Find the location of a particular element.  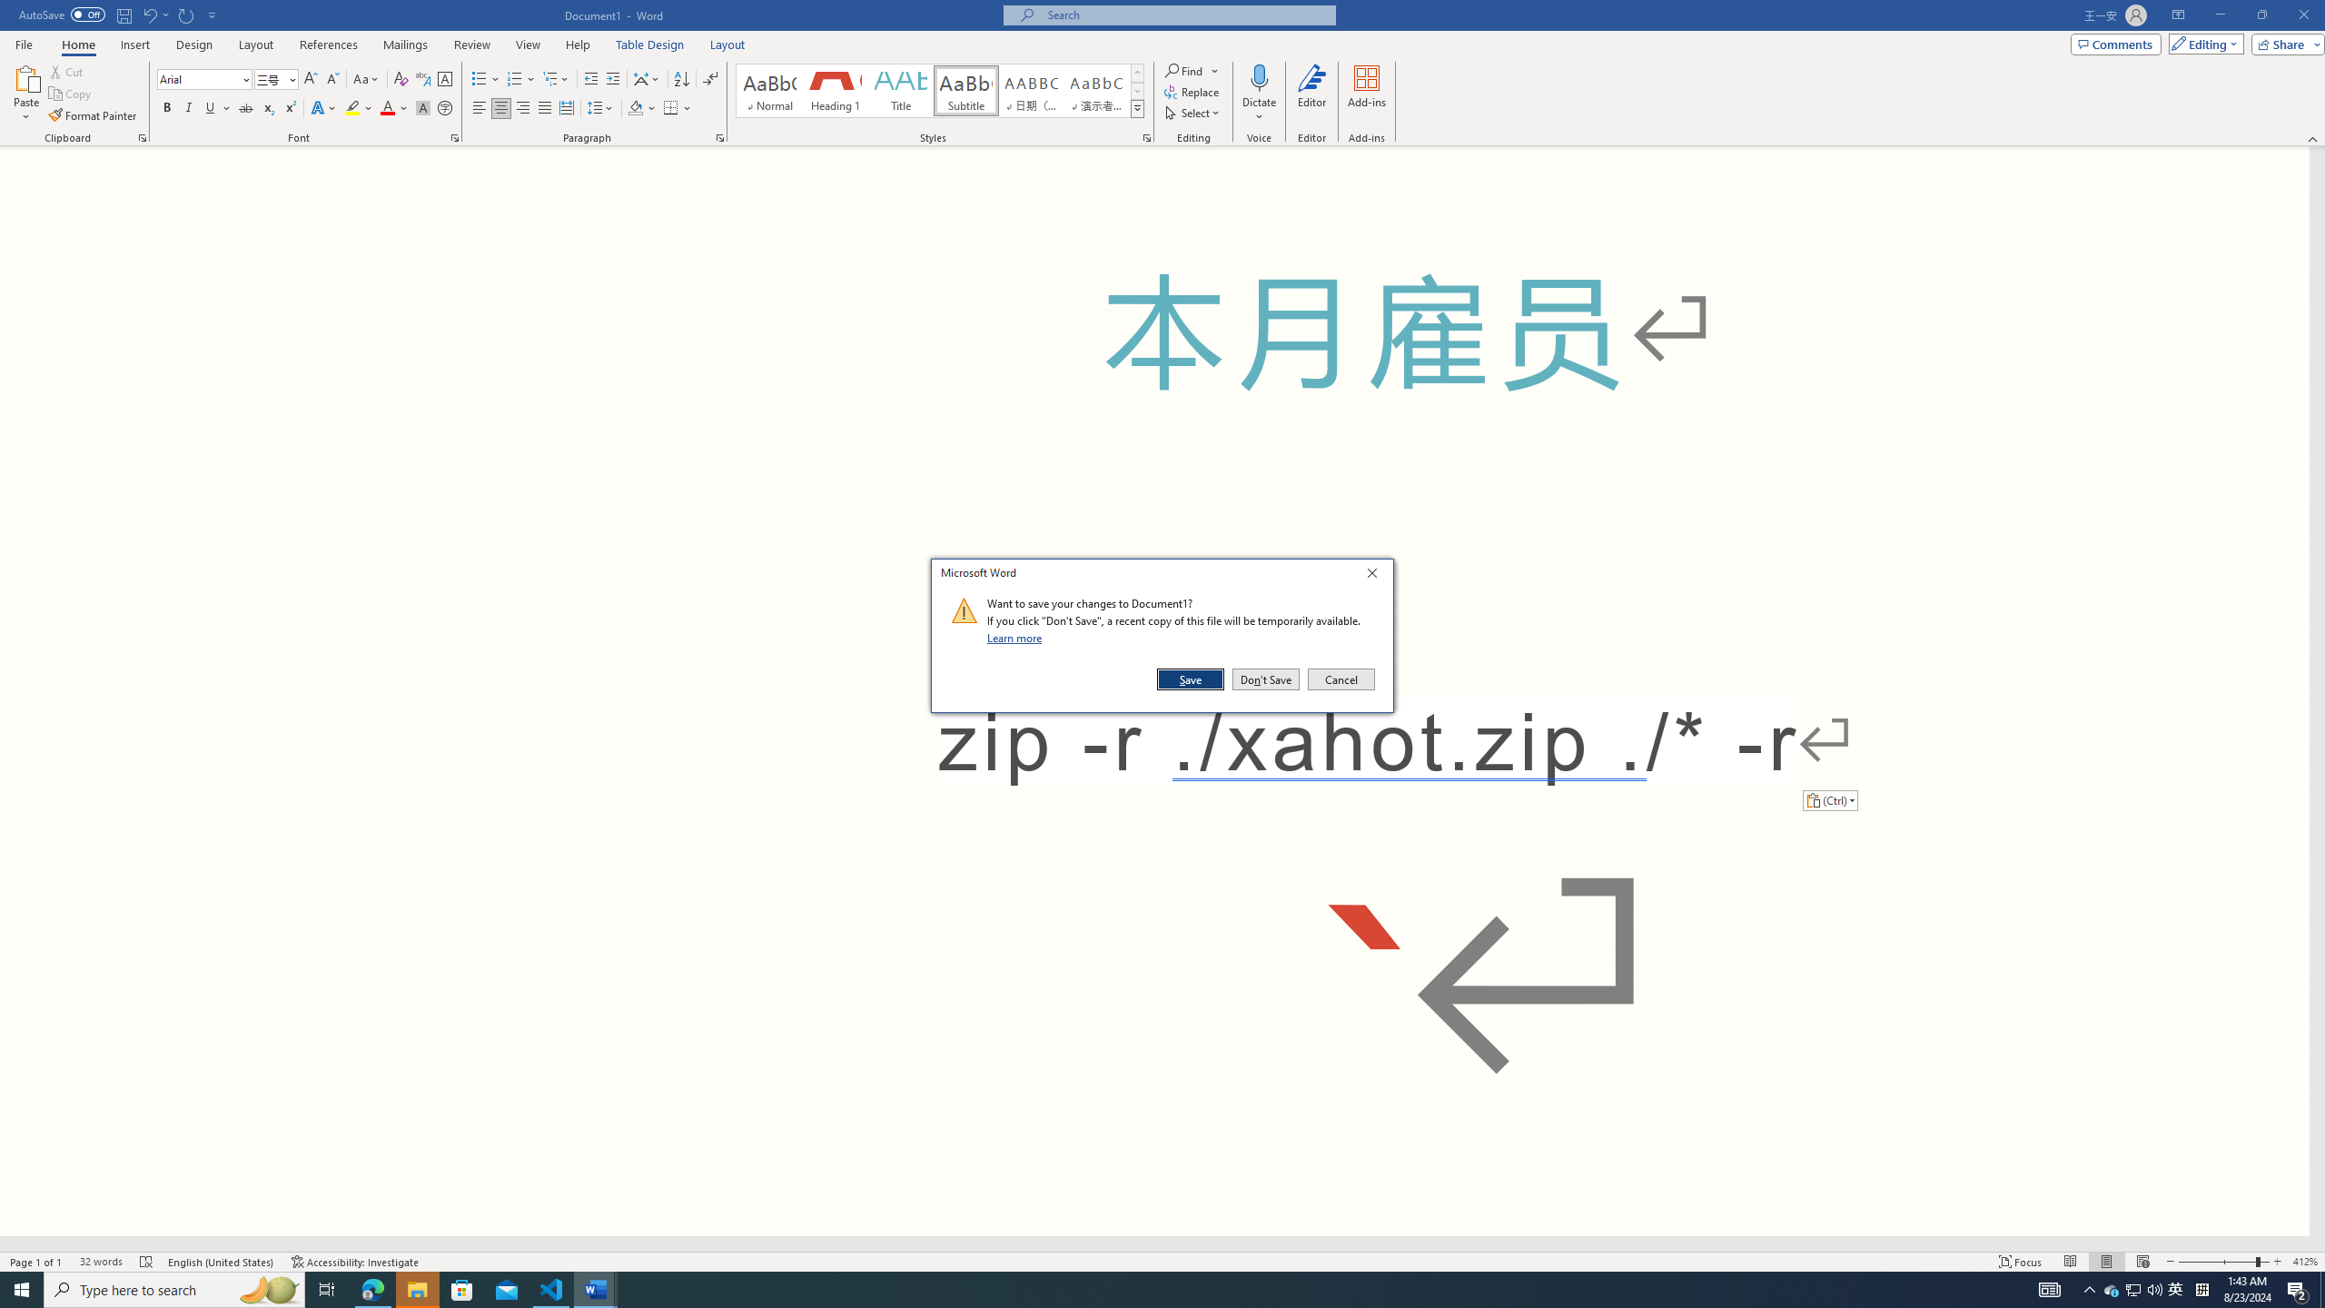

'Action: Paste alternatives' is located at coordinates (1828, 799).